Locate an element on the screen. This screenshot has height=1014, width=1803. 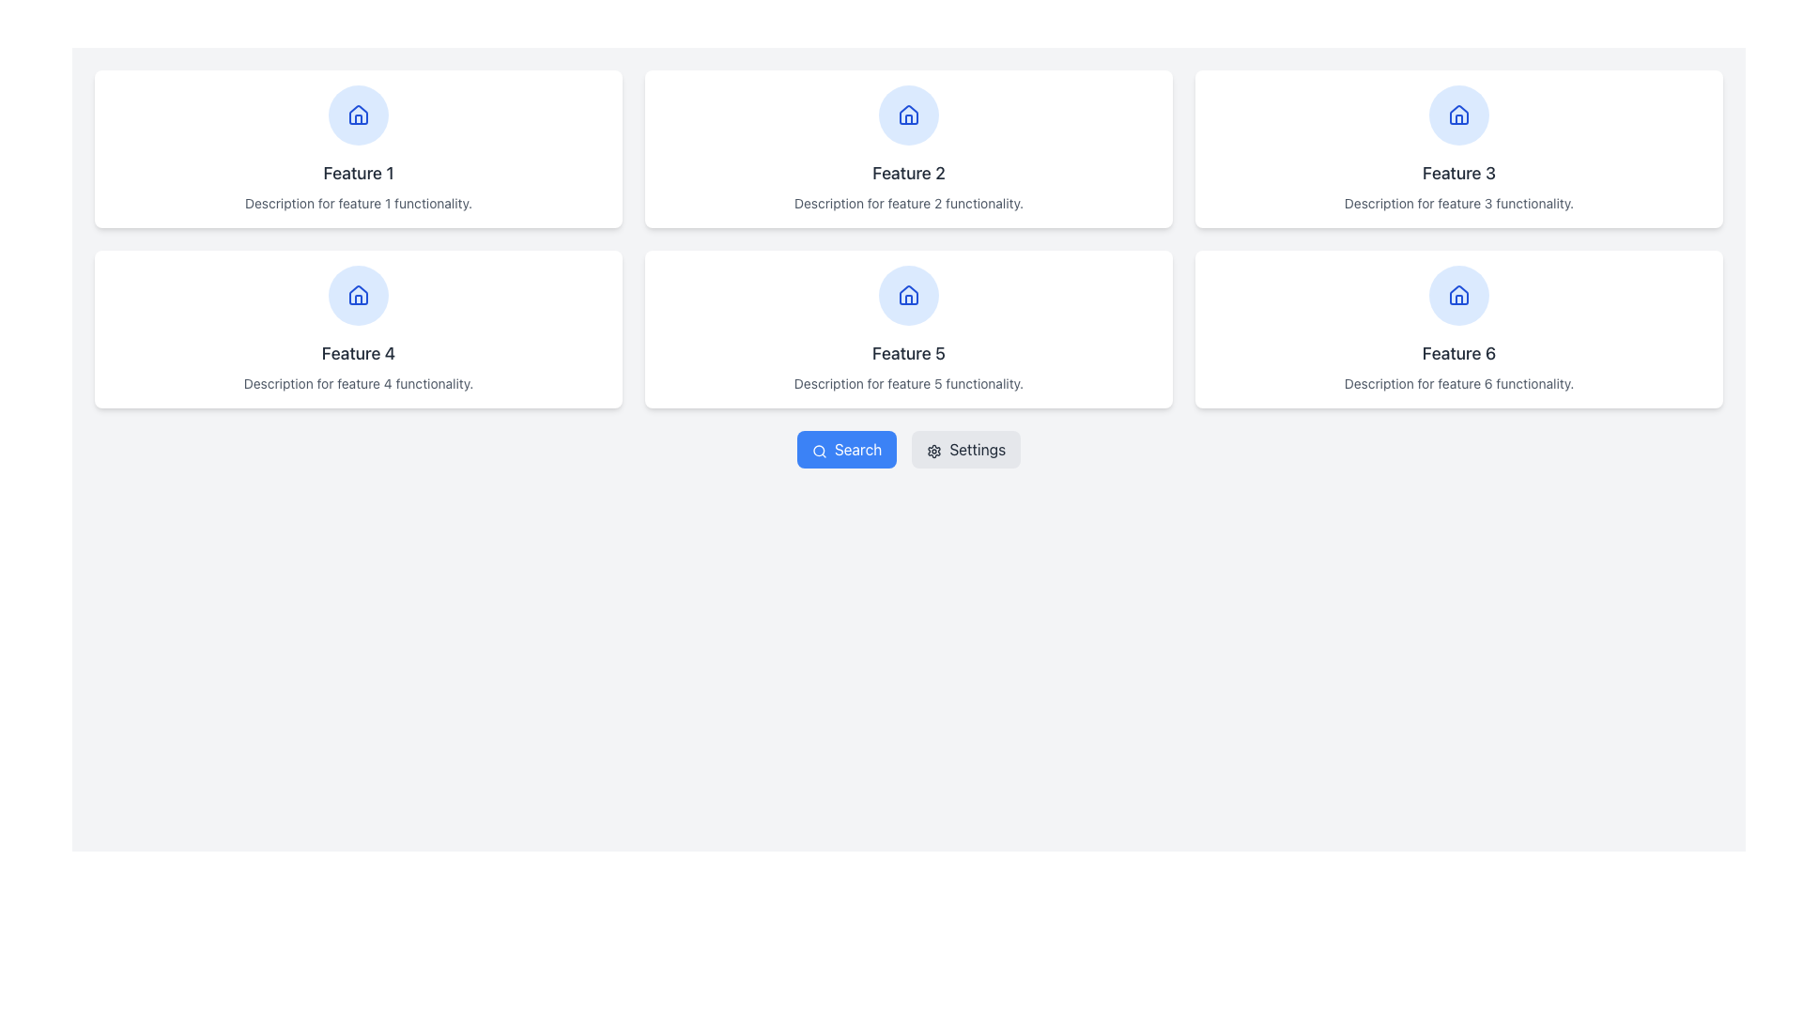
the 'Settings' button icon, which serves as a visual identifier for accessing or managing settings is located at coordinates (934, 451).